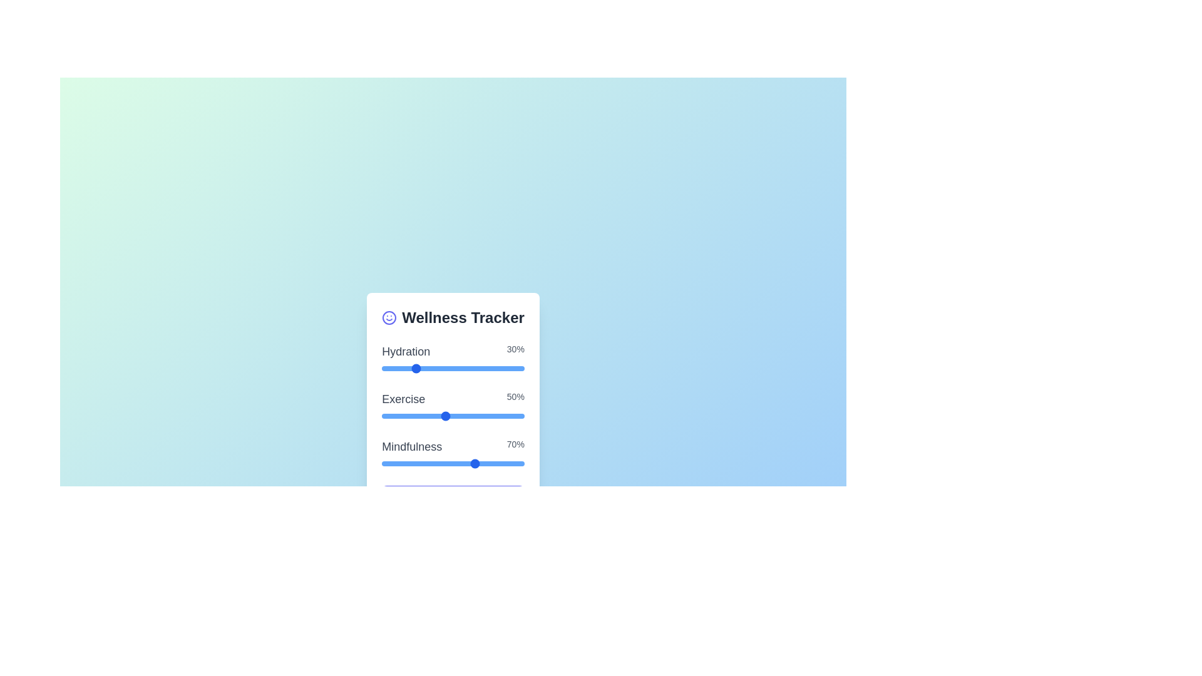 This screenshot has width=1202, height=676. Describe the element at coordinates (508, 416) in the screenshot. I see `the 'Exercise' slider to set its value to 9` at that location.